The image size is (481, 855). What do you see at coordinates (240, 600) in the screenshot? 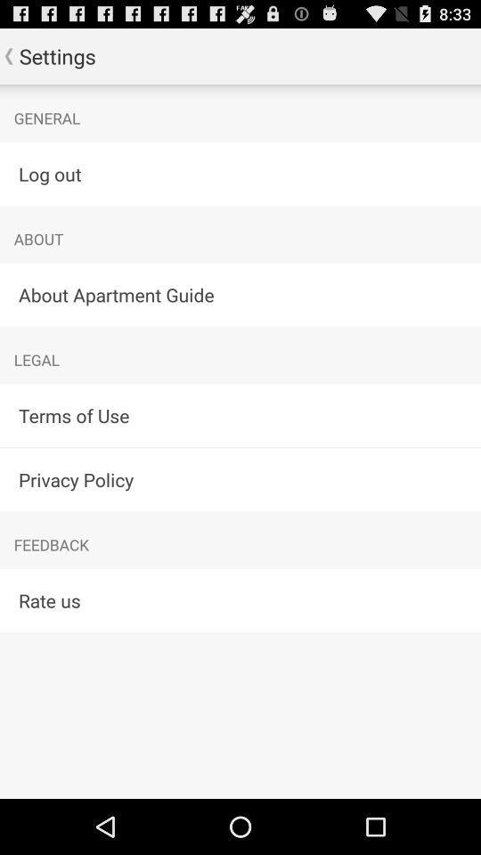
I see `app below the feedback item` at bounding box center [240, 600].